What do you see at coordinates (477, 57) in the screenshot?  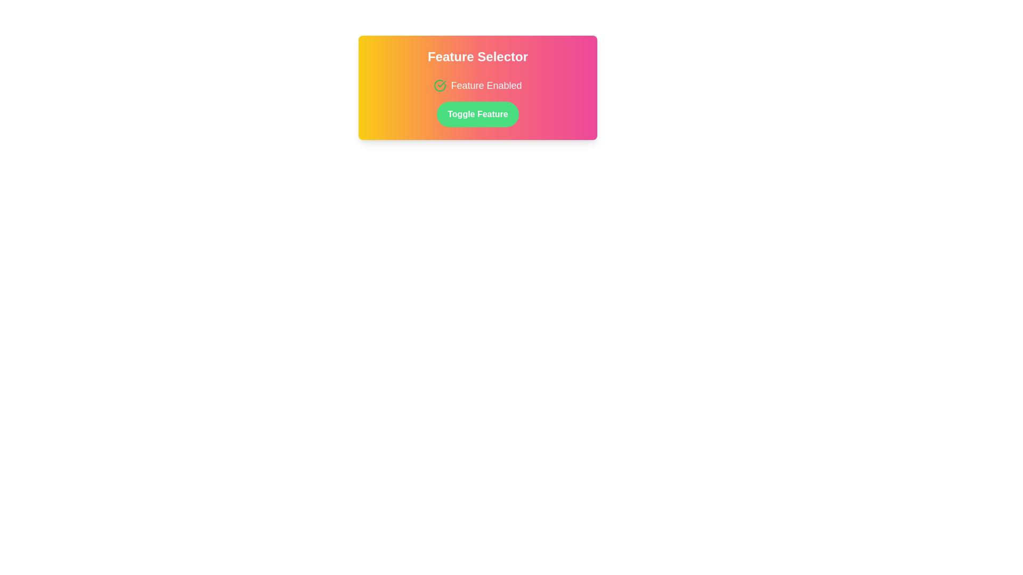 I see `the 'Feature Selector' text label, which displays the text in a bold, white font, centered against a vibrant gradient background from yellow to pink` at bounding box center [477, 57].